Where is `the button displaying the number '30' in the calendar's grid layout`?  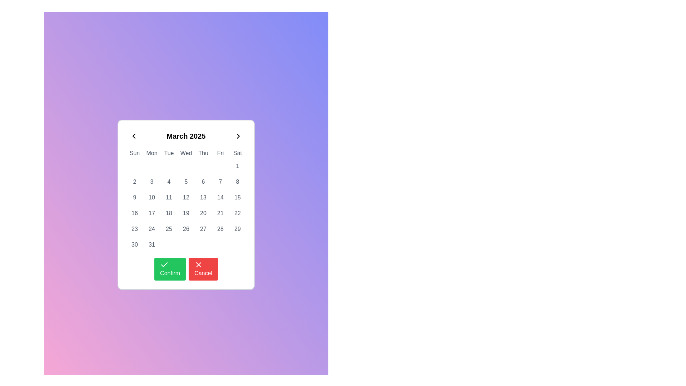 the button displaying the number '30' in the calendar's grid layout is located at coordinates (135, 244).